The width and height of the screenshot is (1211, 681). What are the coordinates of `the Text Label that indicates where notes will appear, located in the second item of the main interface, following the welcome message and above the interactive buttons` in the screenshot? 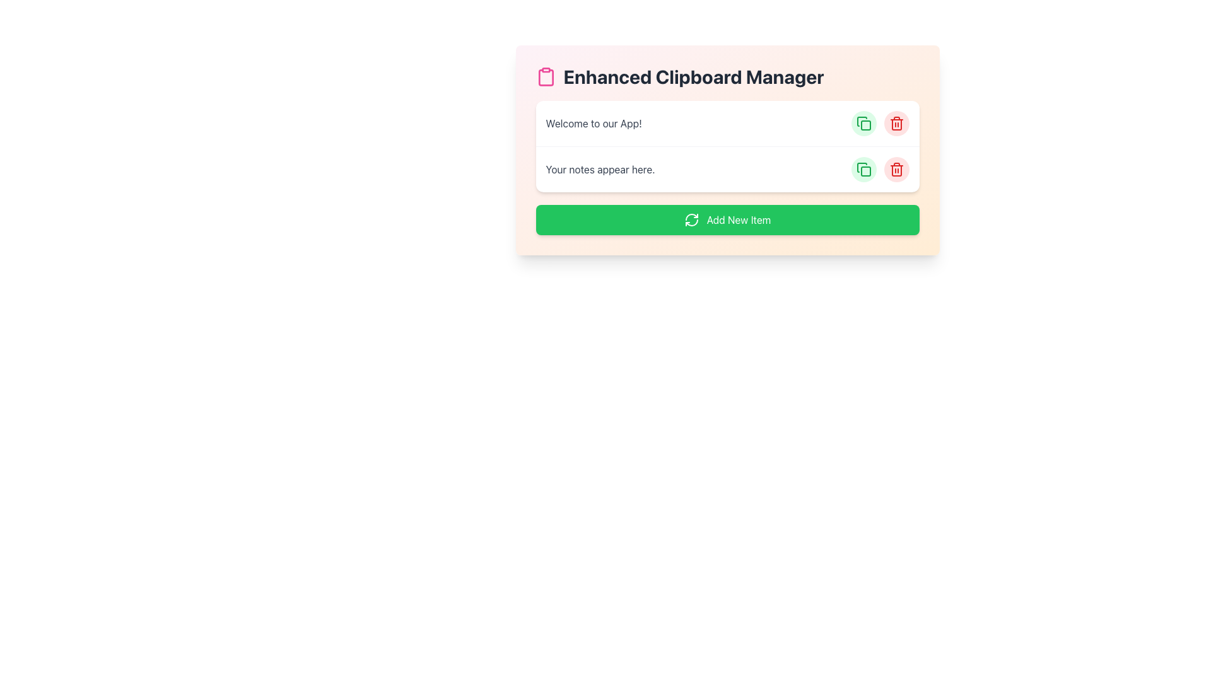 It's located at (600, 169).